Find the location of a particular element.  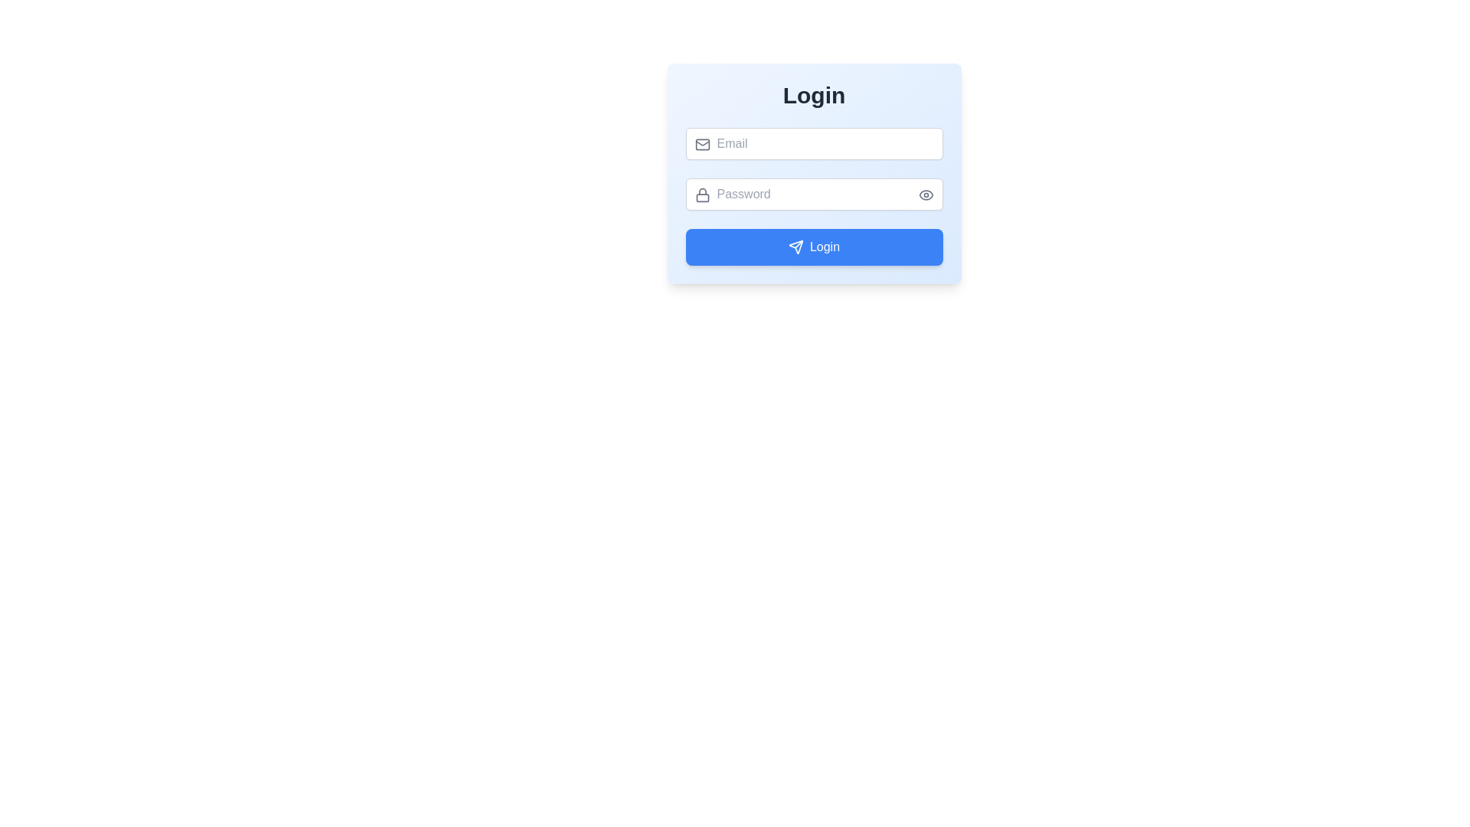

the icon that serves as a visual indicator for the email input field in the login form to prompt tooltips or interactions is located at coordinates (701, 145).